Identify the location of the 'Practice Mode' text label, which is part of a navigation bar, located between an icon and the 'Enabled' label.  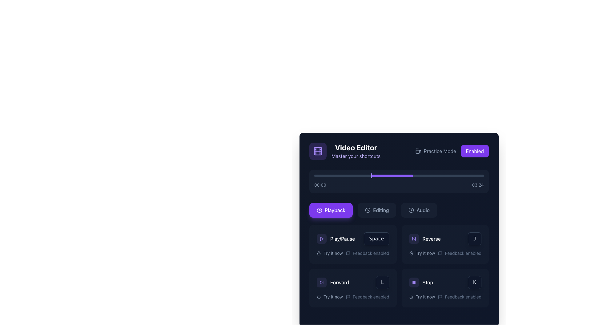
(440, 151).